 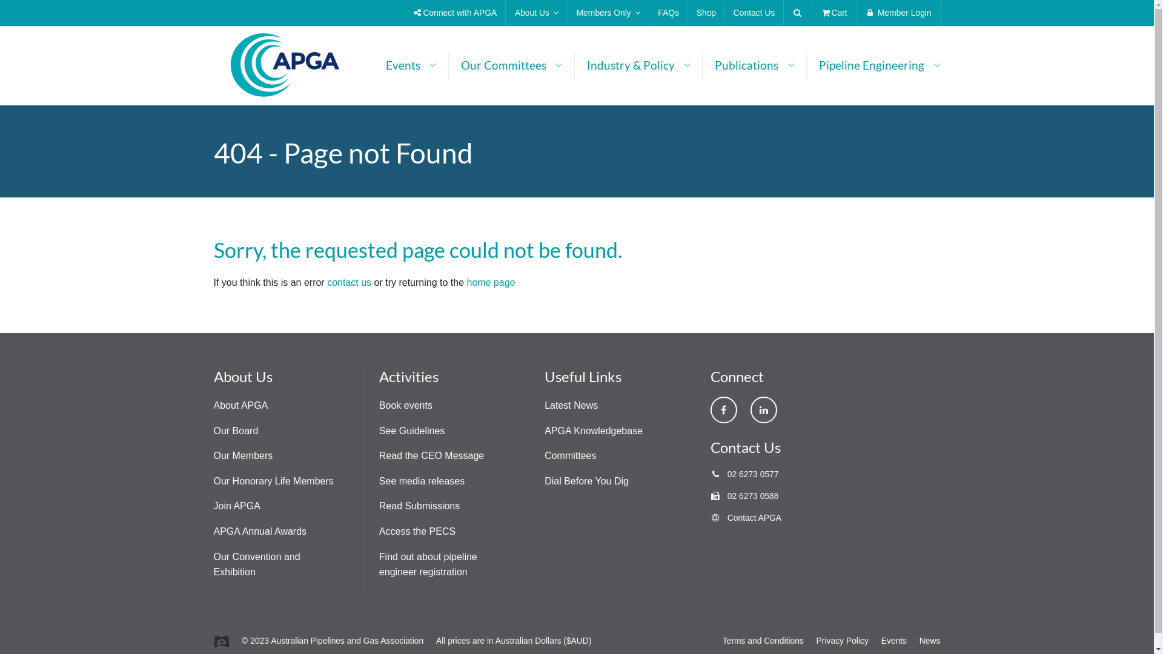 I want to click on 'News', so click(x=929, y=639).